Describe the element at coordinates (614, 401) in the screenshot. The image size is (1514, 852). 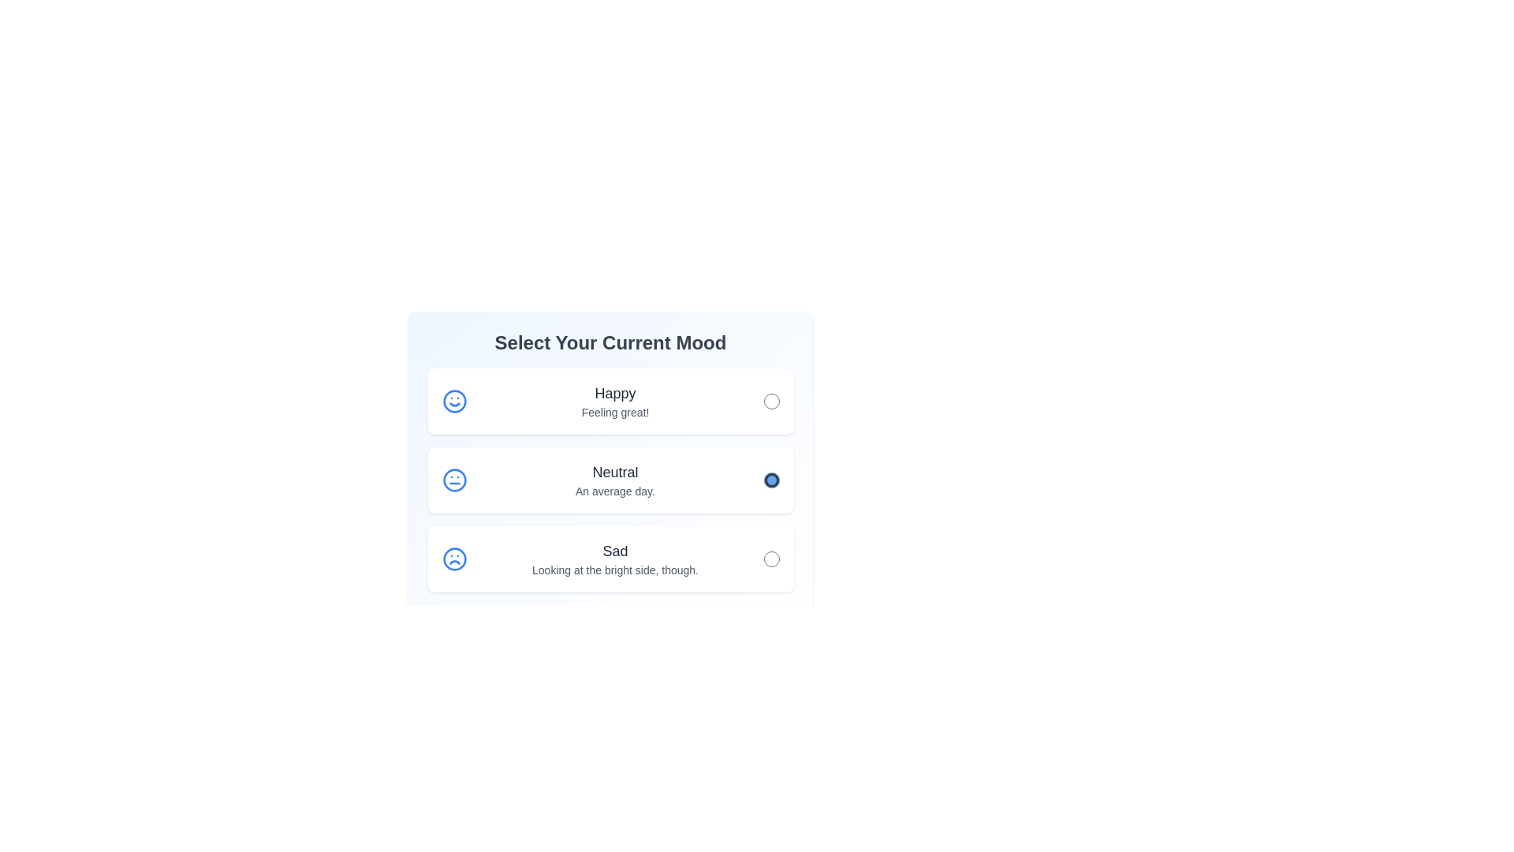
I see `text of the label that describes the 'Happy' mood option, located beneath the heading 'Select Your Current Mood' and to the right of a smiley icon` at that location.